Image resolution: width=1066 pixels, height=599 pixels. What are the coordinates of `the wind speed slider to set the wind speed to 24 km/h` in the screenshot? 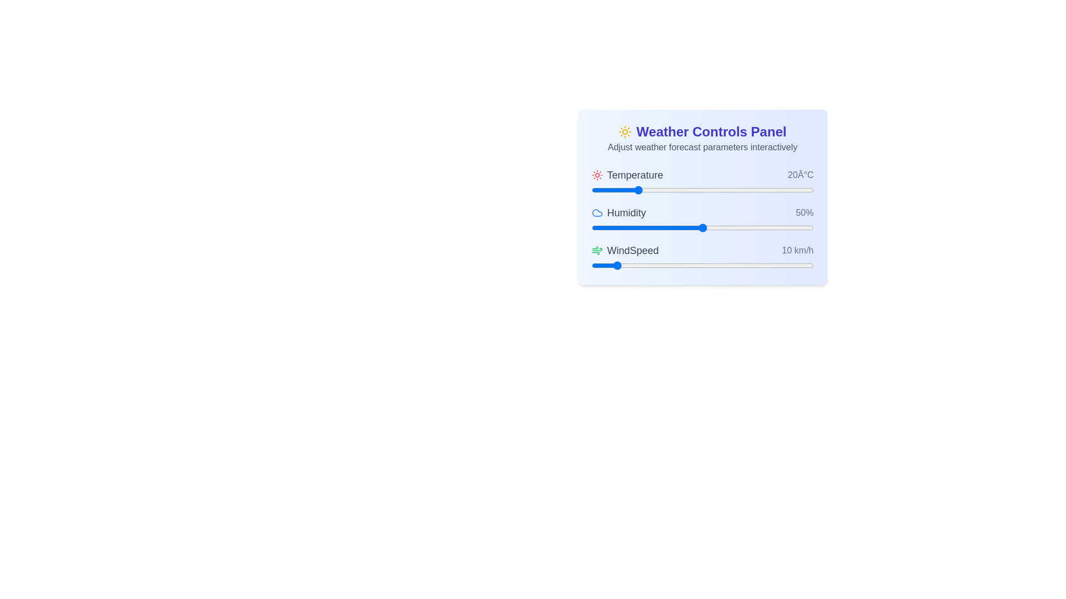 It's located at (645, 265).